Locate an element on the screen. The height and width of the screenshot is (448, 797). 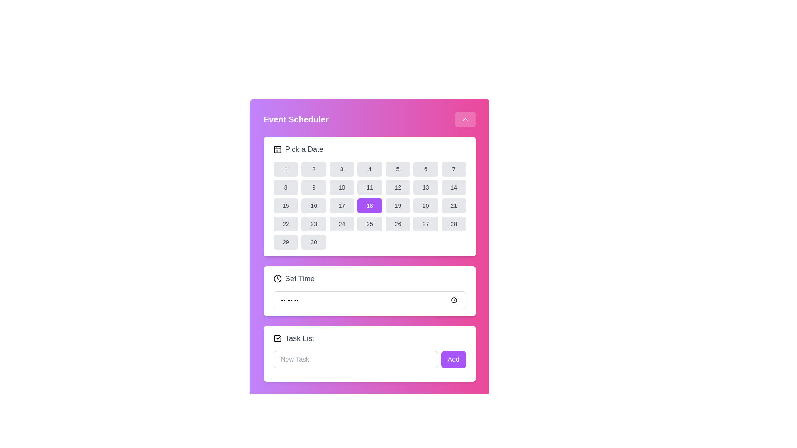
the selectable date button '22' in the 'Pick a Date' calendar component within the 'Event Scheduler' modal is located at coordinates (286, 224).